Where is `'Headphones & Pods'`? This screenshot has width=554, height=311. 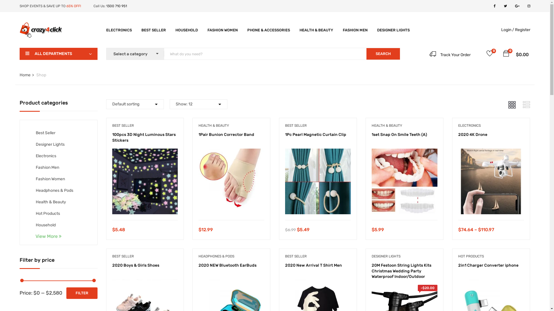 'Headphones & Pods' is located at coordinates (54, 190).